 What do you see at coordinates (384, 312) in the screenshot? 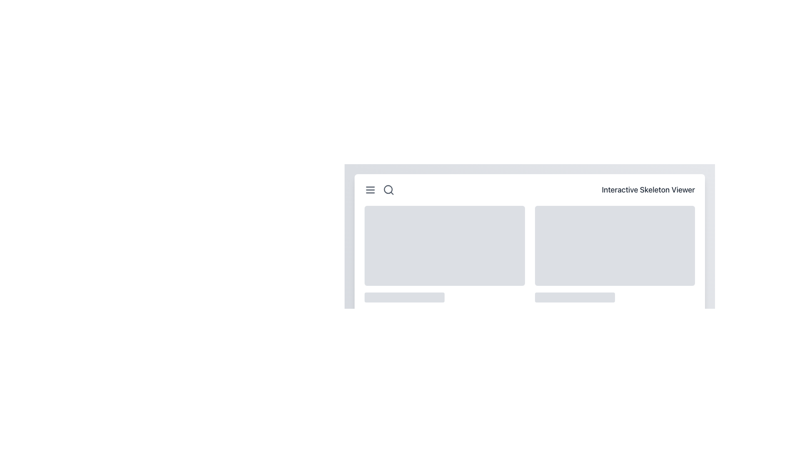
I see `the non-interactive placeholder bar, which is a short horizontal bar with rounded edges and light gray color, located below a larger gray bar` at bounding box center [384, 312].